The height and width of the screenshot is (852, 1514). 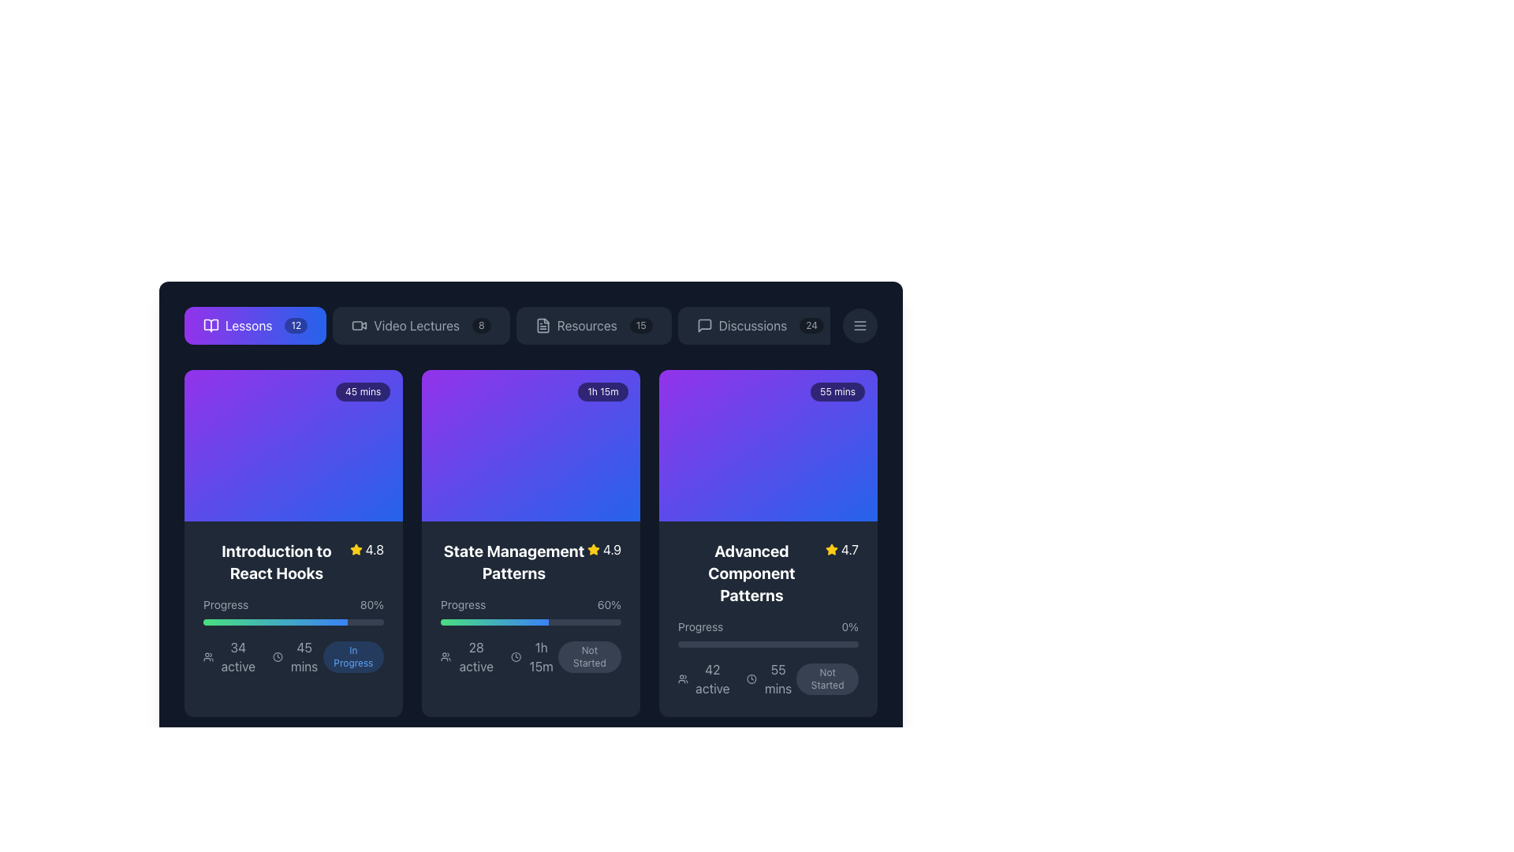 I want to click on the text label displaying the number of active participants in the middle card, so click(x=475, y=657).